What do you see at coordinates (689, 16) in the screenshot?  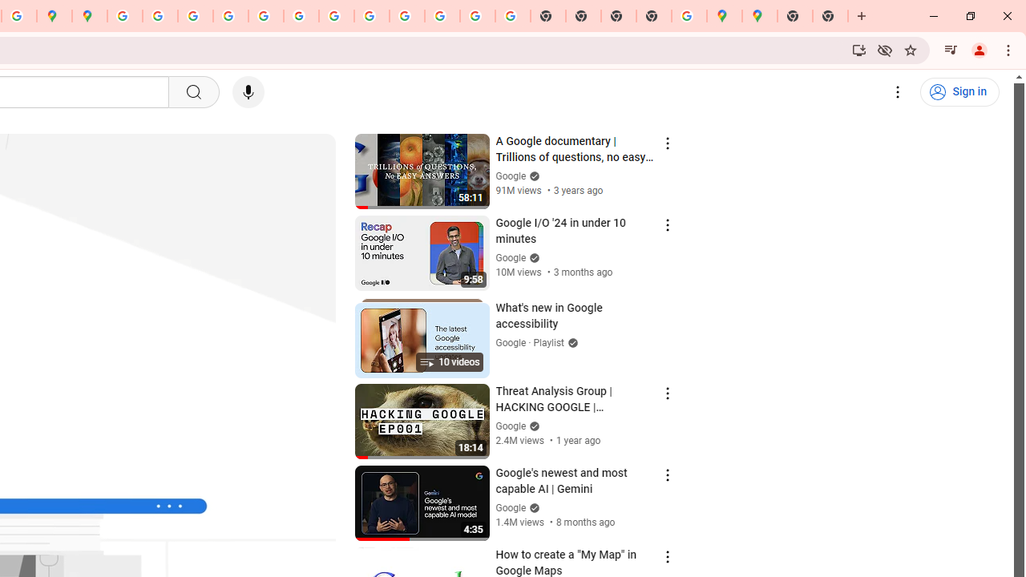 I see `'Use Google Maps in Space - Google Maps Help'` at bounding box center [689, 16].